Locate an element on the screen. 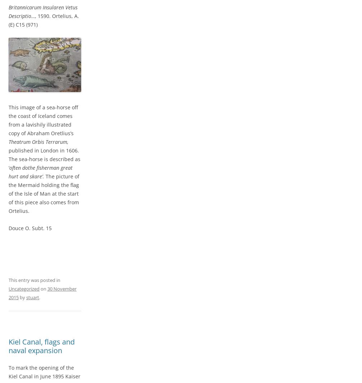  'This image of a sea-horse off the coast of Iceland comes from a lavishily illustrated copy of Abraham Oretlius’s' is located at coordinates (43, 120).